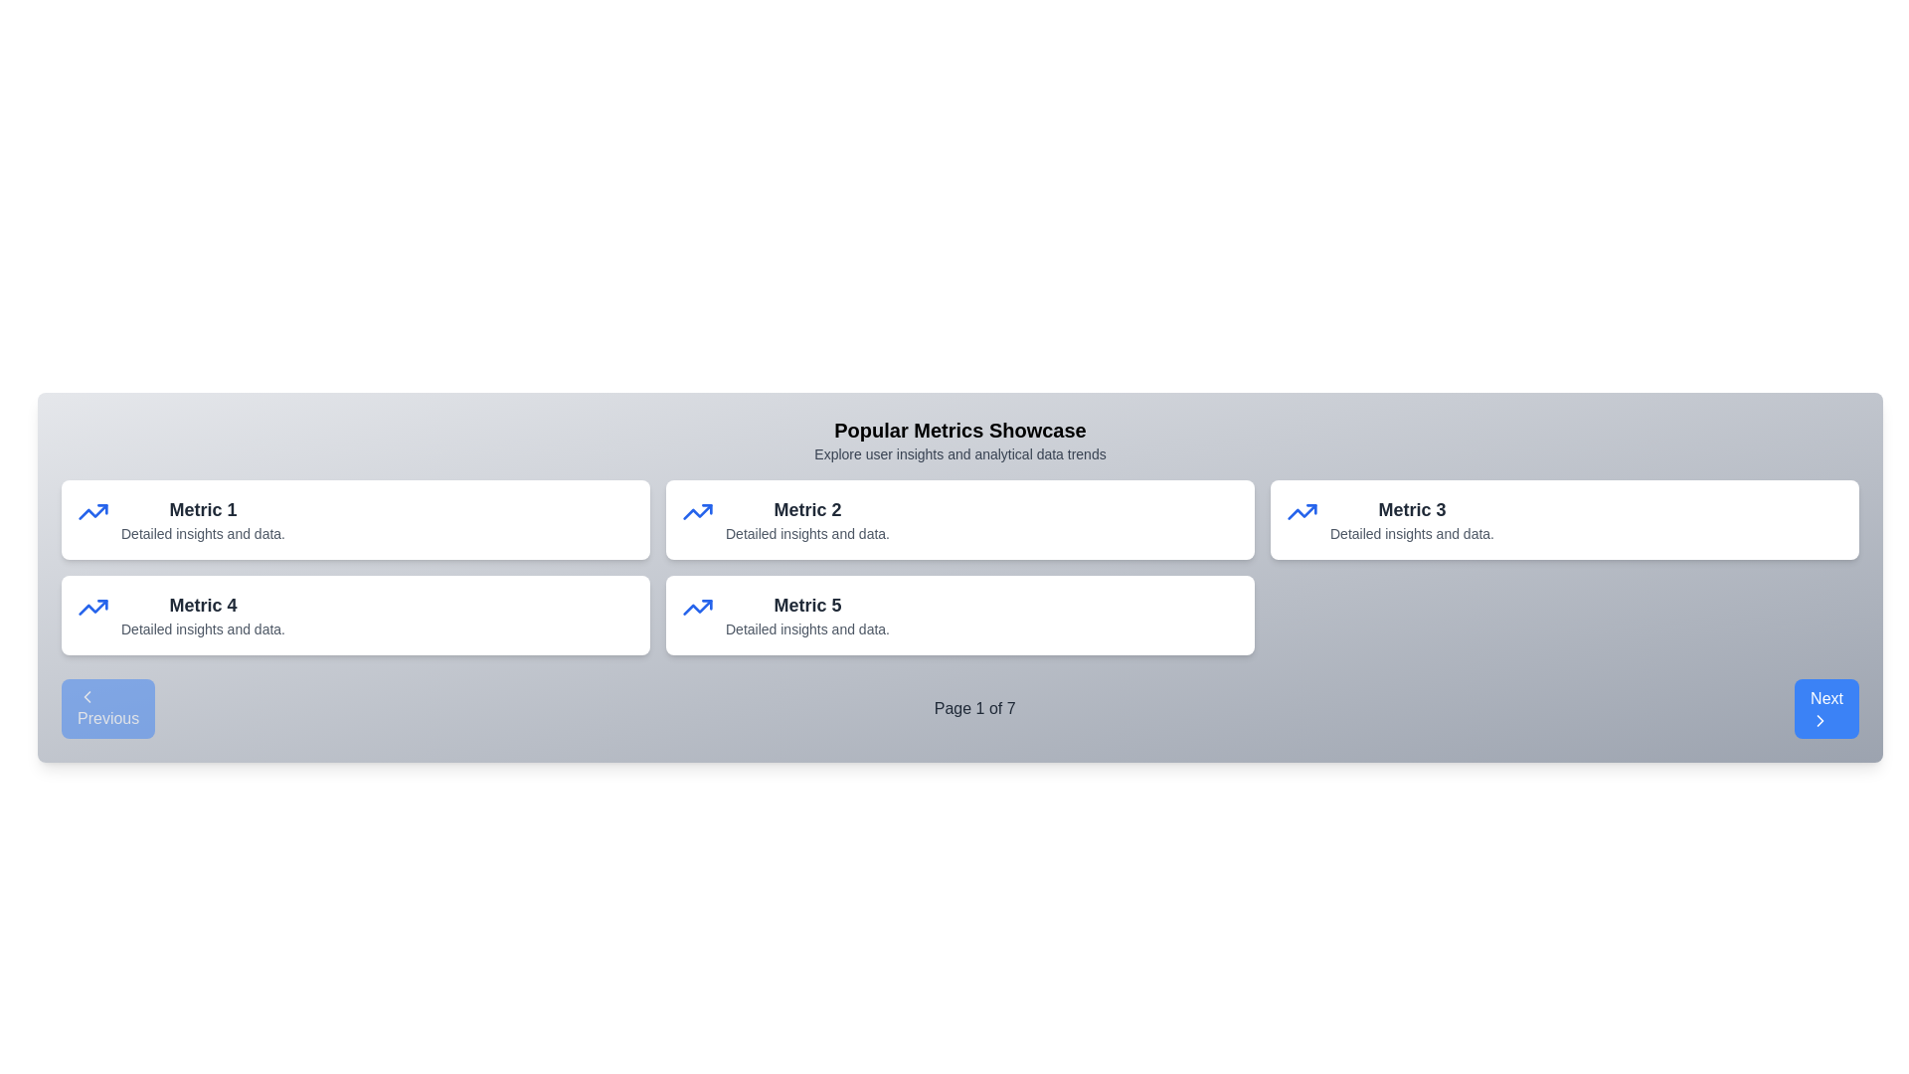  I want to click on the text label displaying 'Page 1 of 7', which is styled with a gray font color and medium weight, located at the bottom of the page between the 'Previous' and 'Next' navigation buttons, so click(974, 708).